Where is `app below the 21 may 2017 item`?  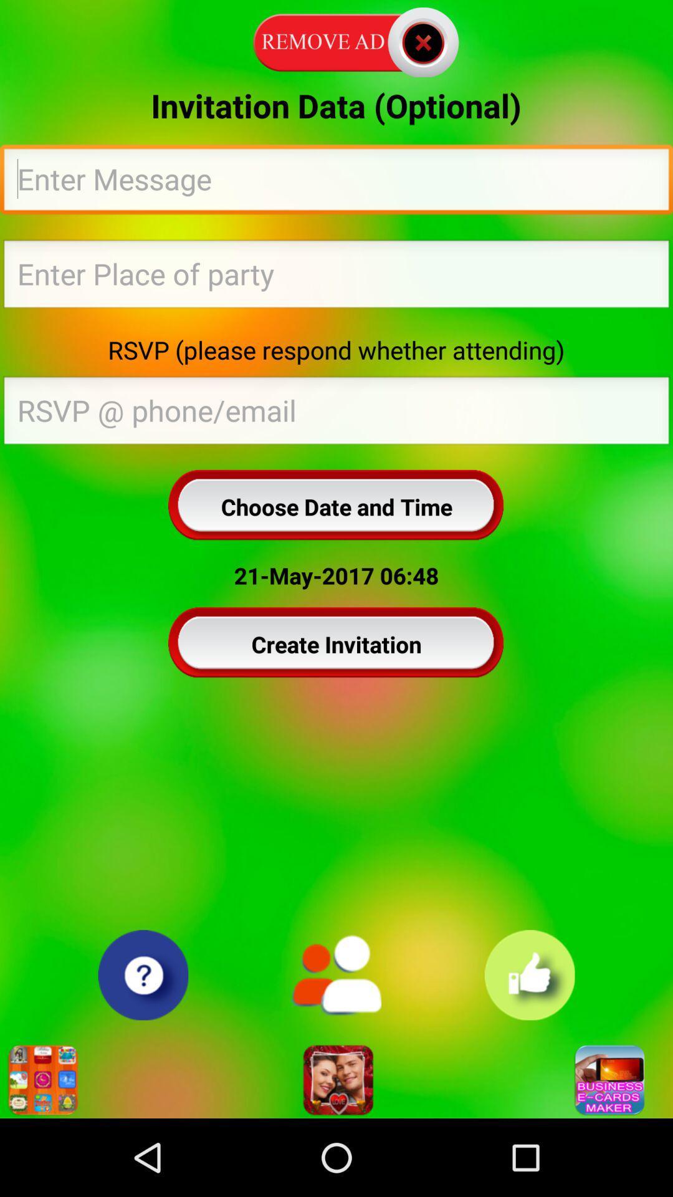
app below the 21 may 2017 item is located at coordinates (336, 644).